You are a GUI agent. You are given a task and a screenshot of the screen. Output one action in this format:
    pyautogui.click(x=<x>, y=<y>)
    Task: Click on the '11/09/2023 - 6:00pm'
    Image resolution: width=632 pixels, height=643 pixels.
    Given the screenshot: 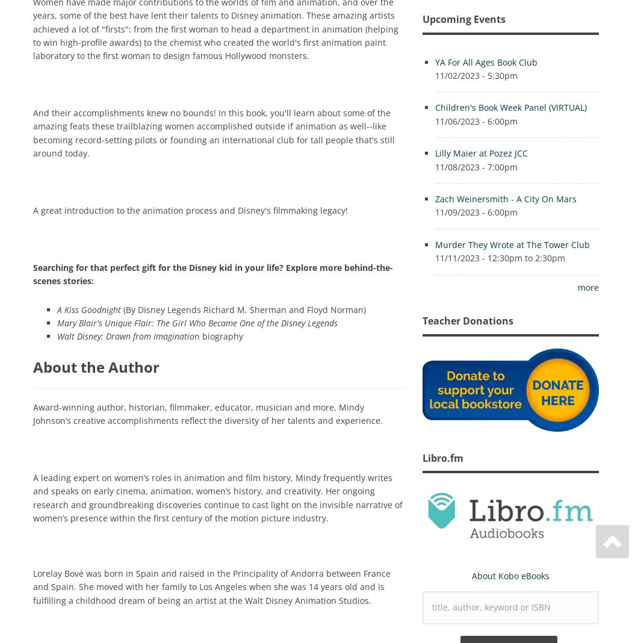 What is the action you would take?
    pyautogui.click(x=475, y=211)
    